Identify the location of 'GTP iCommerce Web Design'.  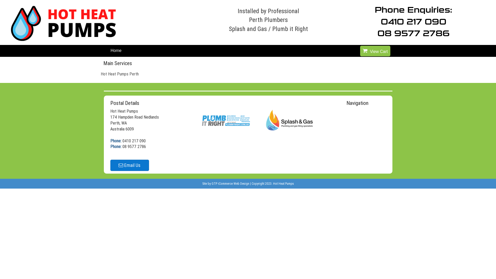
(230, 183).